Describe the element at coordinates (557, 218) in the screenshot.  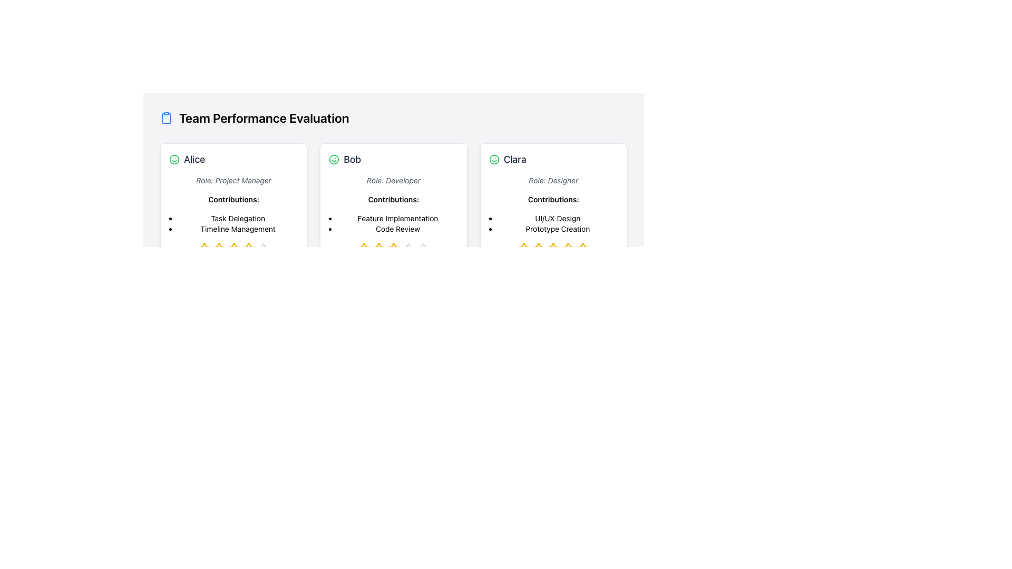
I see `the text element displaying 'UI/UX Design', which is the first list item in the contributions section of the third card labeled 'Clara'` at that location.